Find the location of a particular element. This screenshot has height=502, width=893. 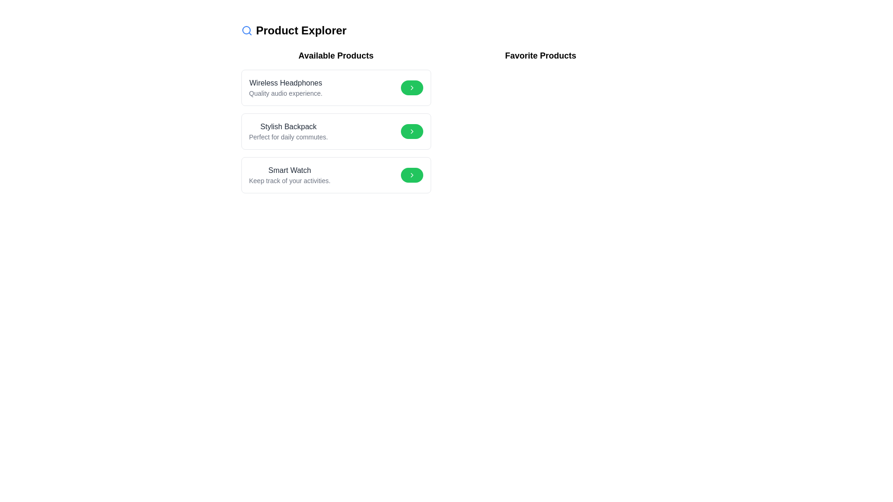

the text element displaying 'Quality audio experience.' located below the 'Wireless Headphones' title in the first card of the 'Available Products' section is located at coordinates (285, 93).